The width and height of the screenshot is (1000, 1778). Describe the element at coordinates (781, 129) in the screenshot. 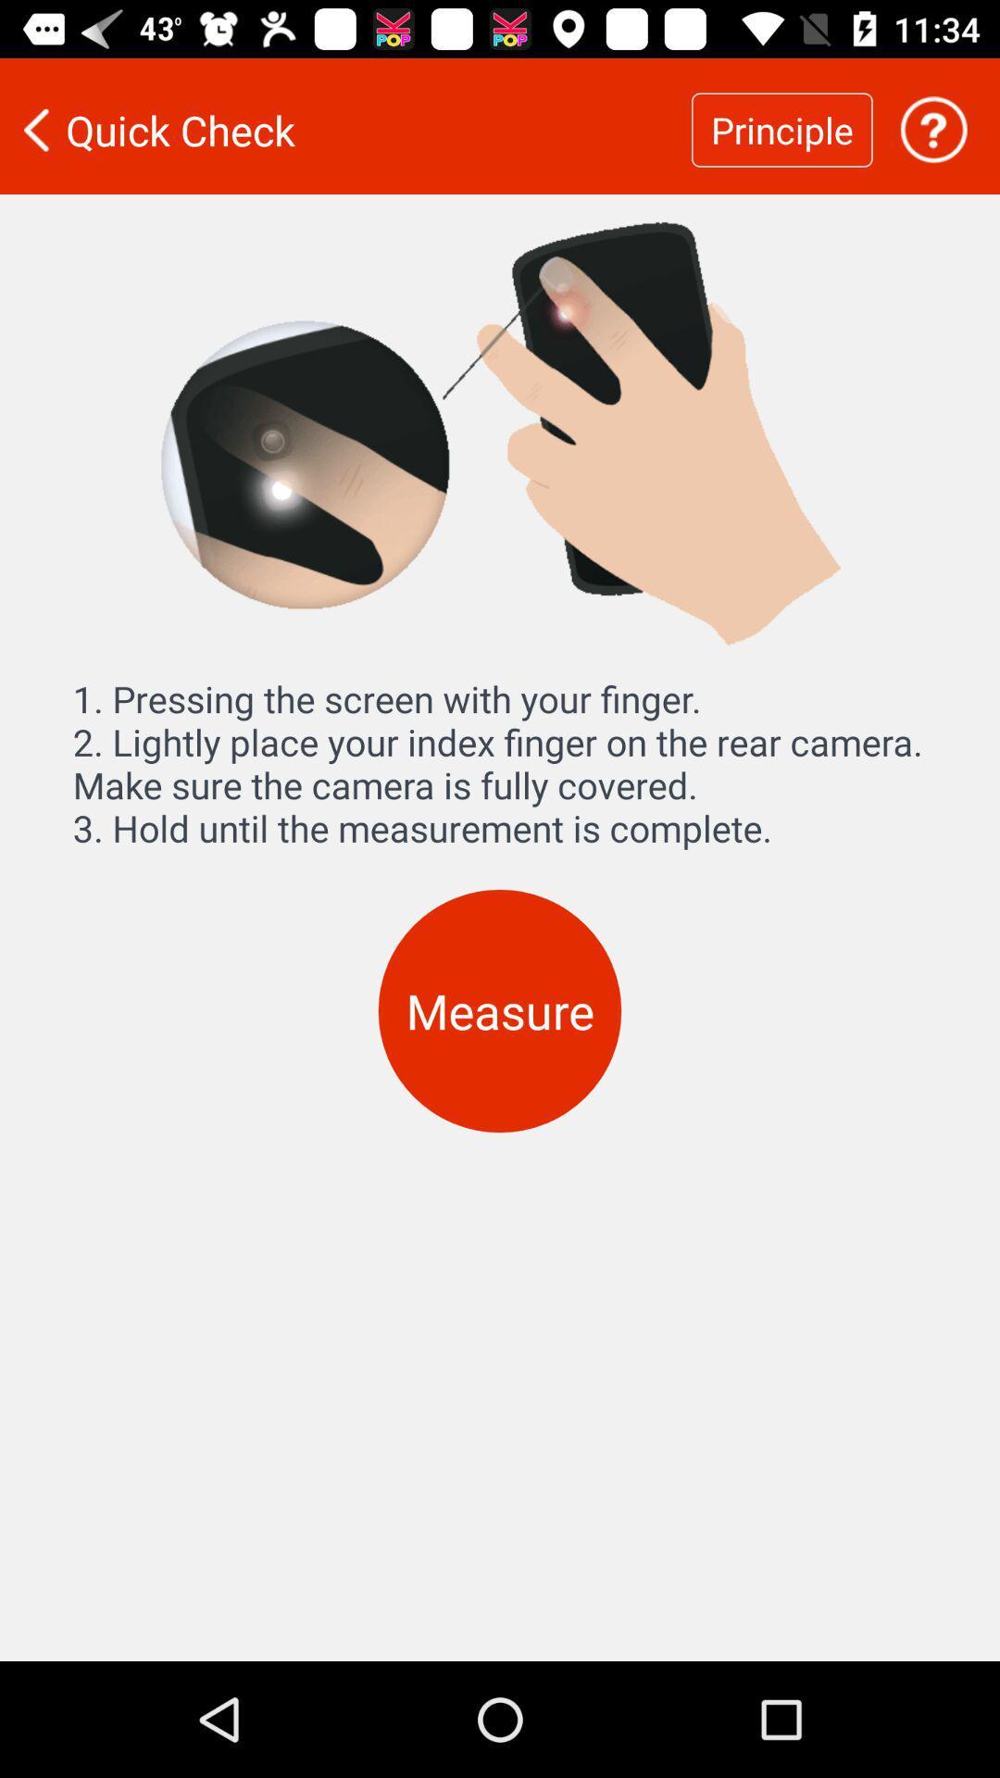

I see `the principle icon` at that location.